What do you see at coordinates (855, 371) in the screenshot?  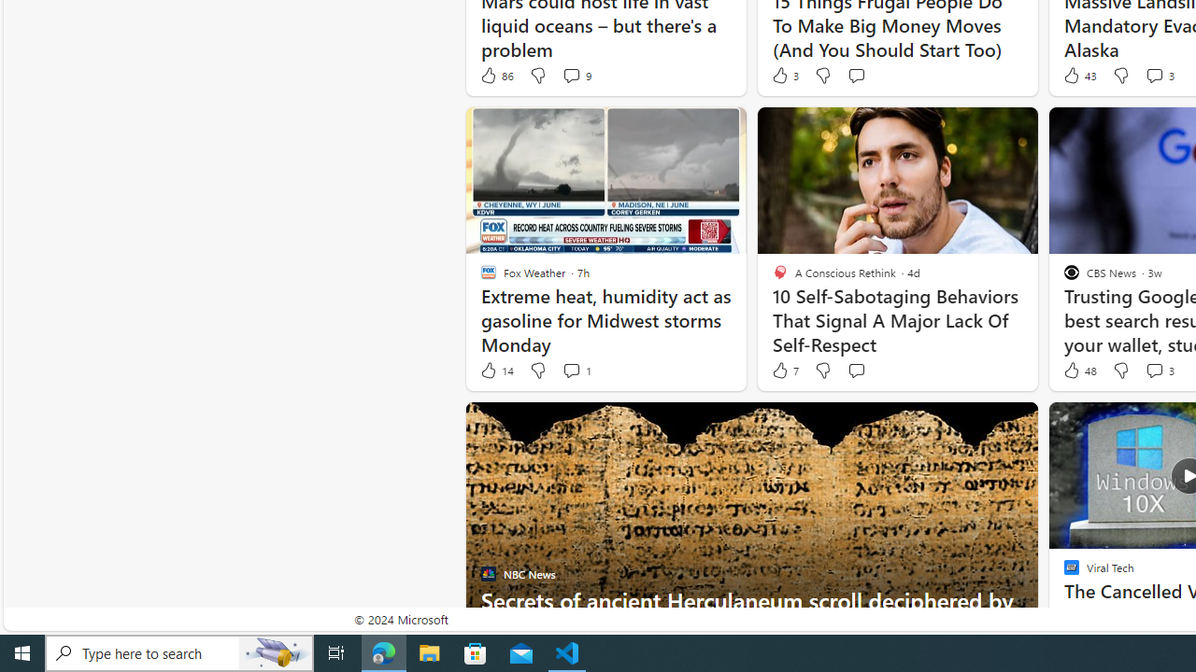 I see `'Start the conversation'` at bounding box center [855, 371].